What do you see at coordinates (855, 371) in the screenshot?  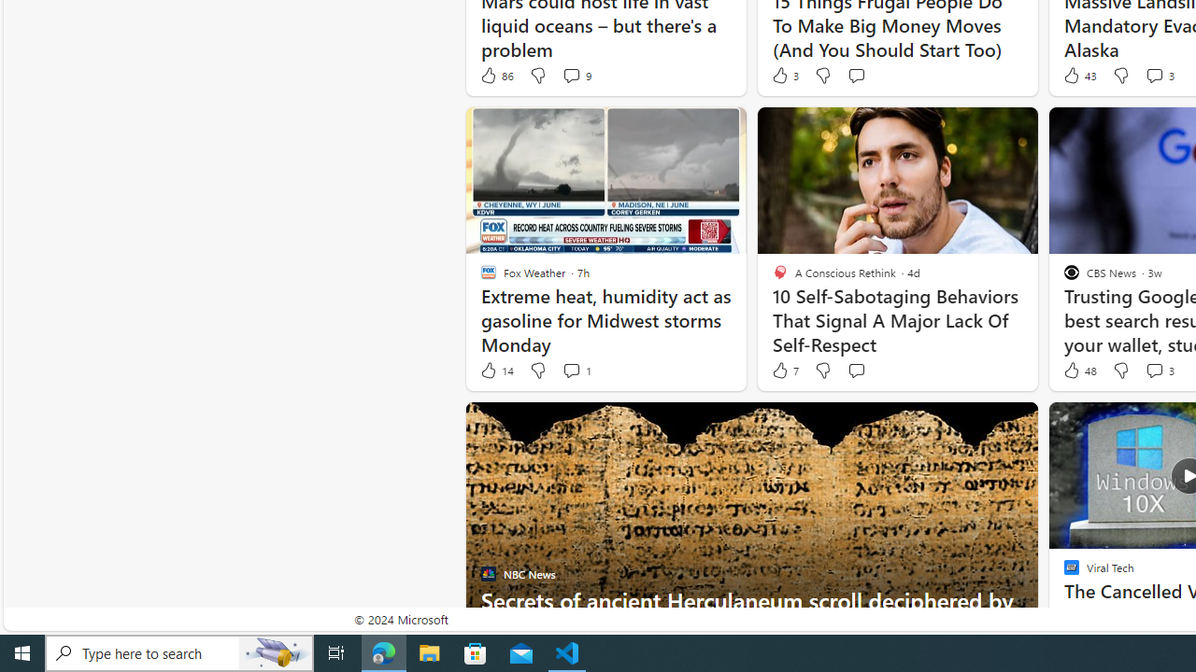 I see `'Start the conversation'` at bounding box center [855, 371].